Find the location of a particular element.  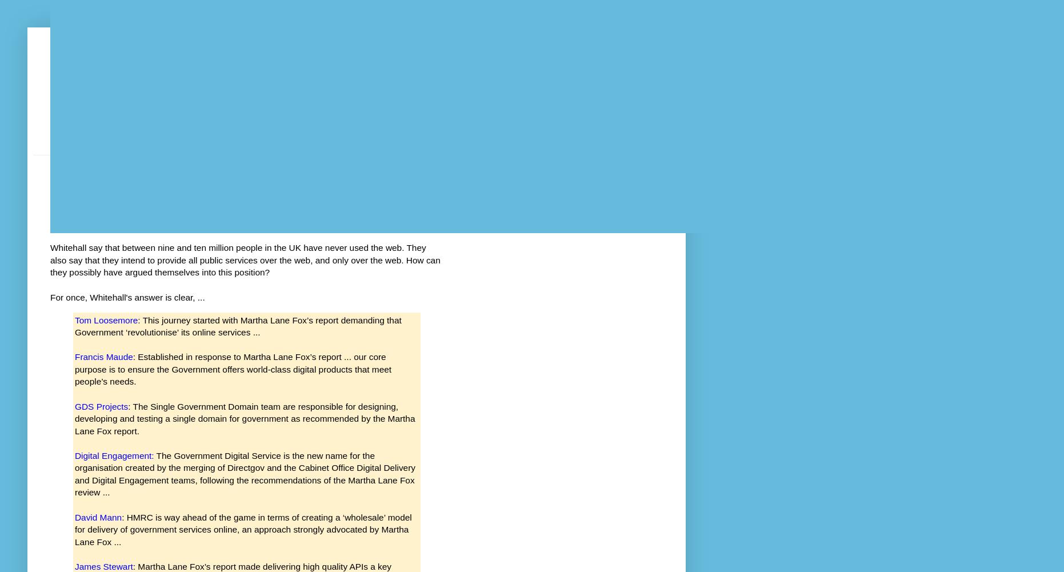

': The Single Government Domain team are responsible for designing, developing and testing a single domain for government as recommended by the Martha Lane Fox report.' is located at coordinates (244, 418).